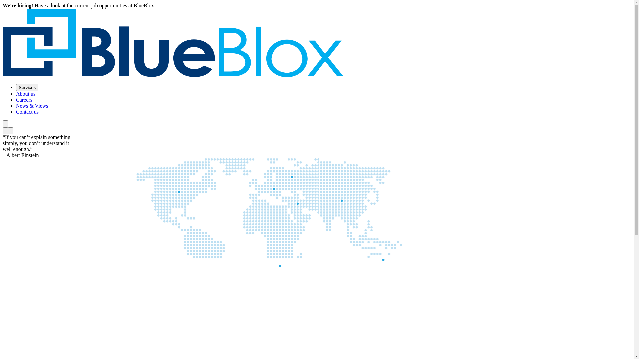 The height and width of the screenshot is (359, 639). What do you see at coordinates (27, 87) in the screenshot?
I see `'Services'` at bounding box center [27, 87].